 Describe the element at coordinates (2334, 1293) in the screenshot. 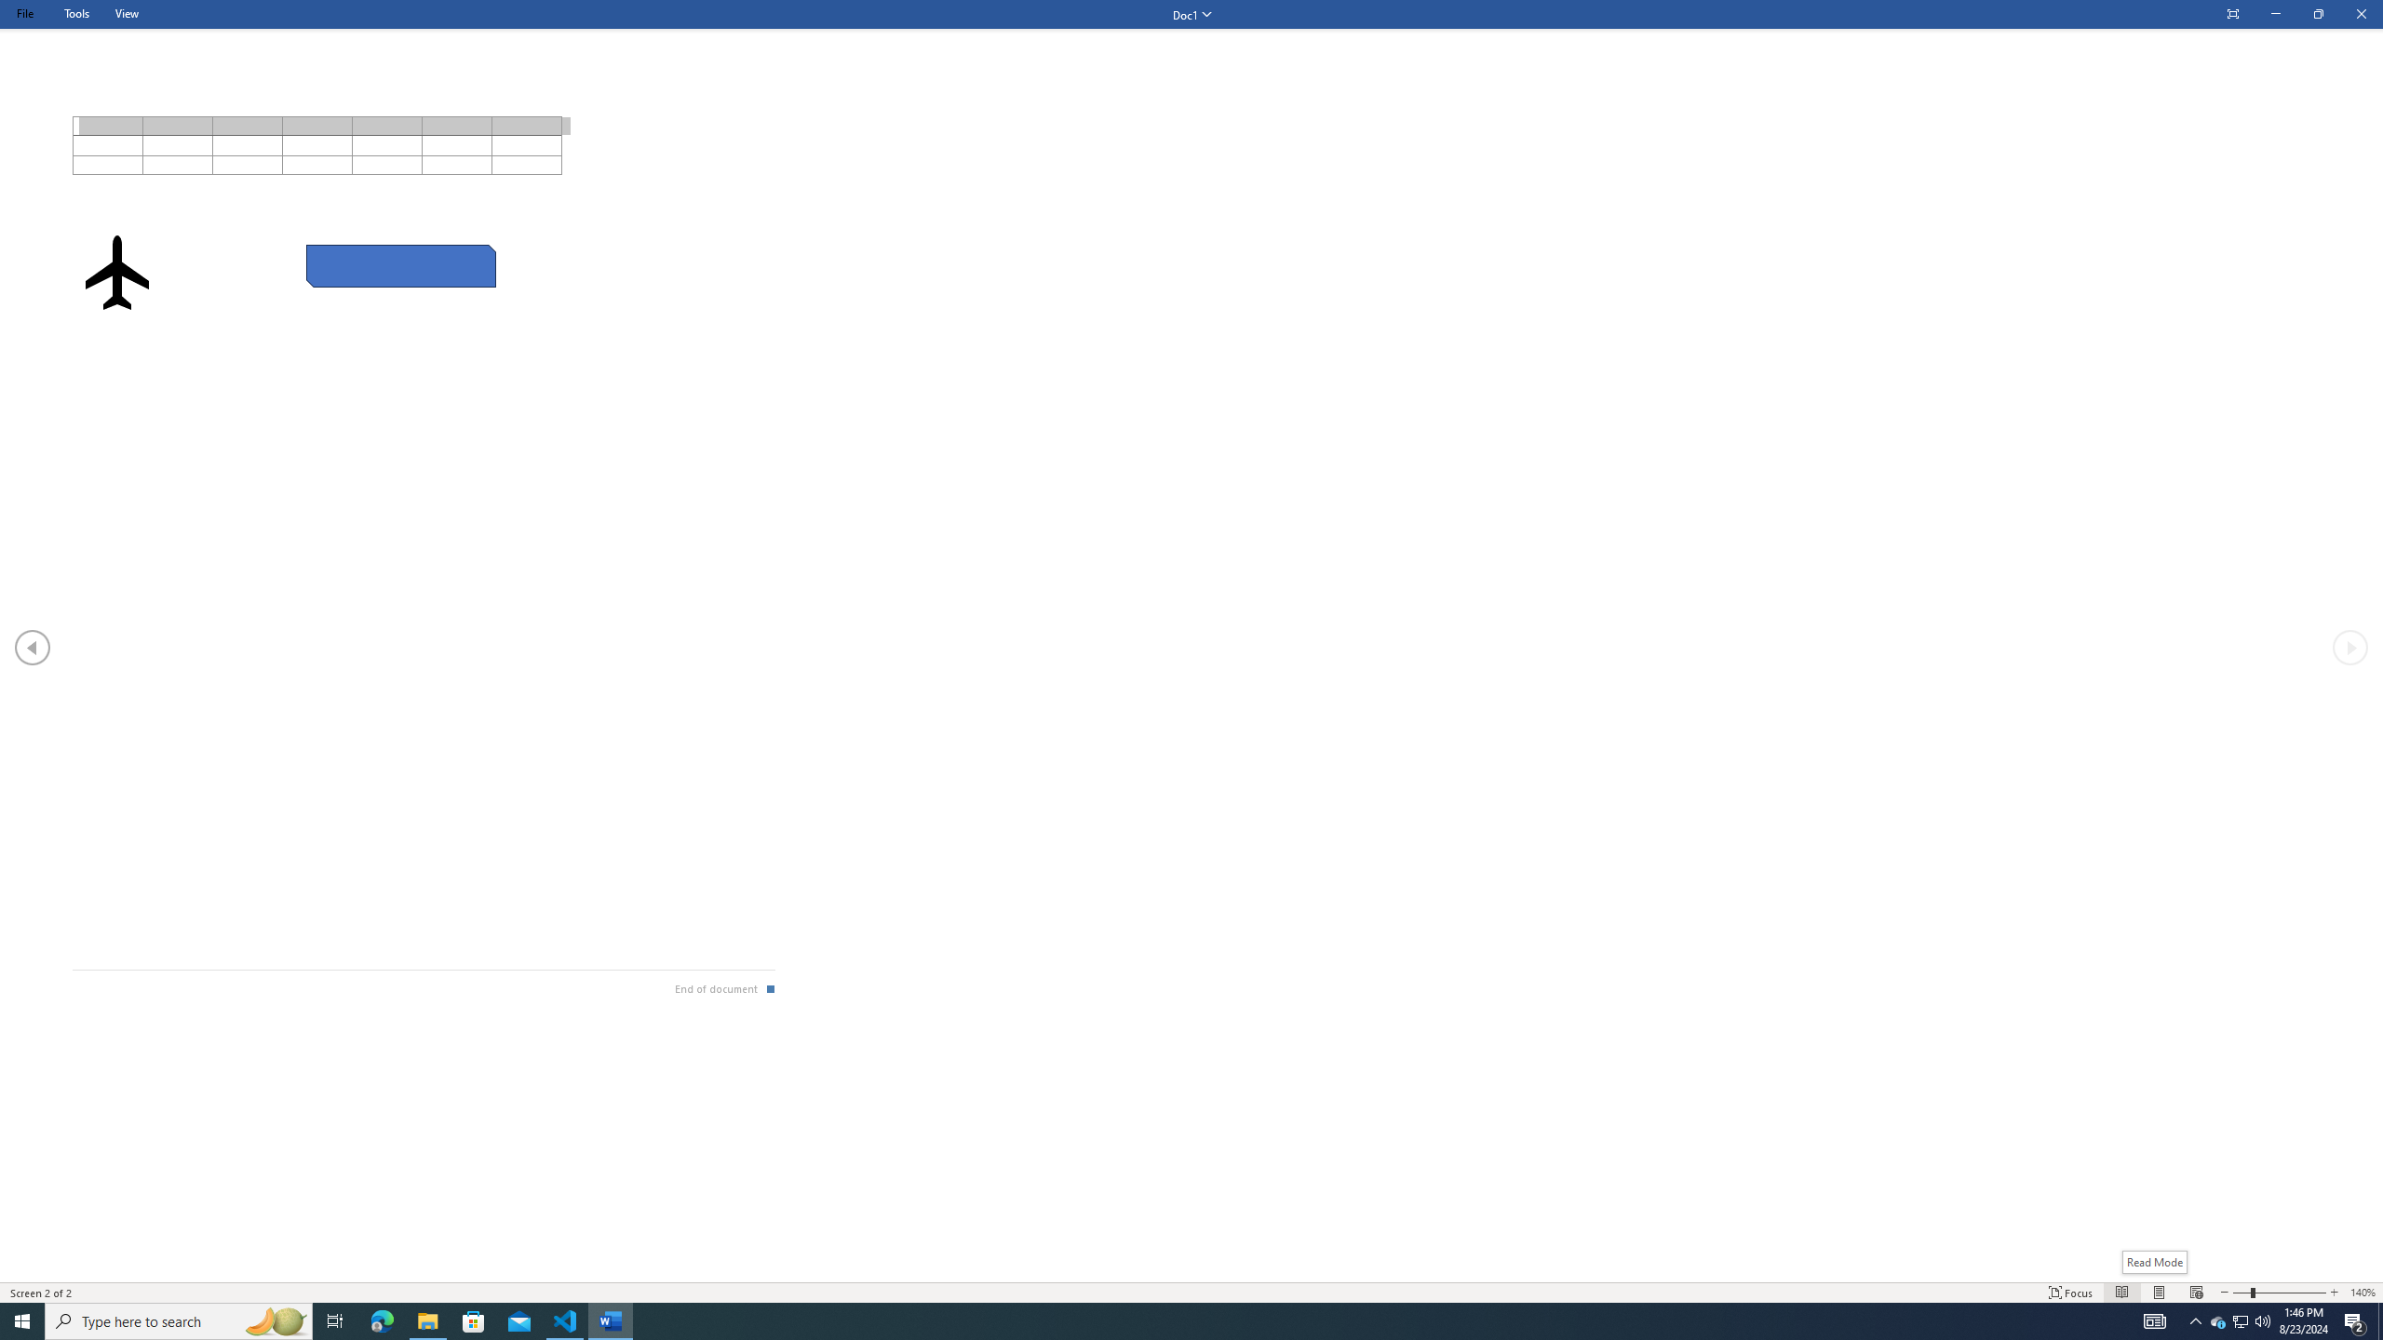

I see `'Increase Text Size'` at that location.